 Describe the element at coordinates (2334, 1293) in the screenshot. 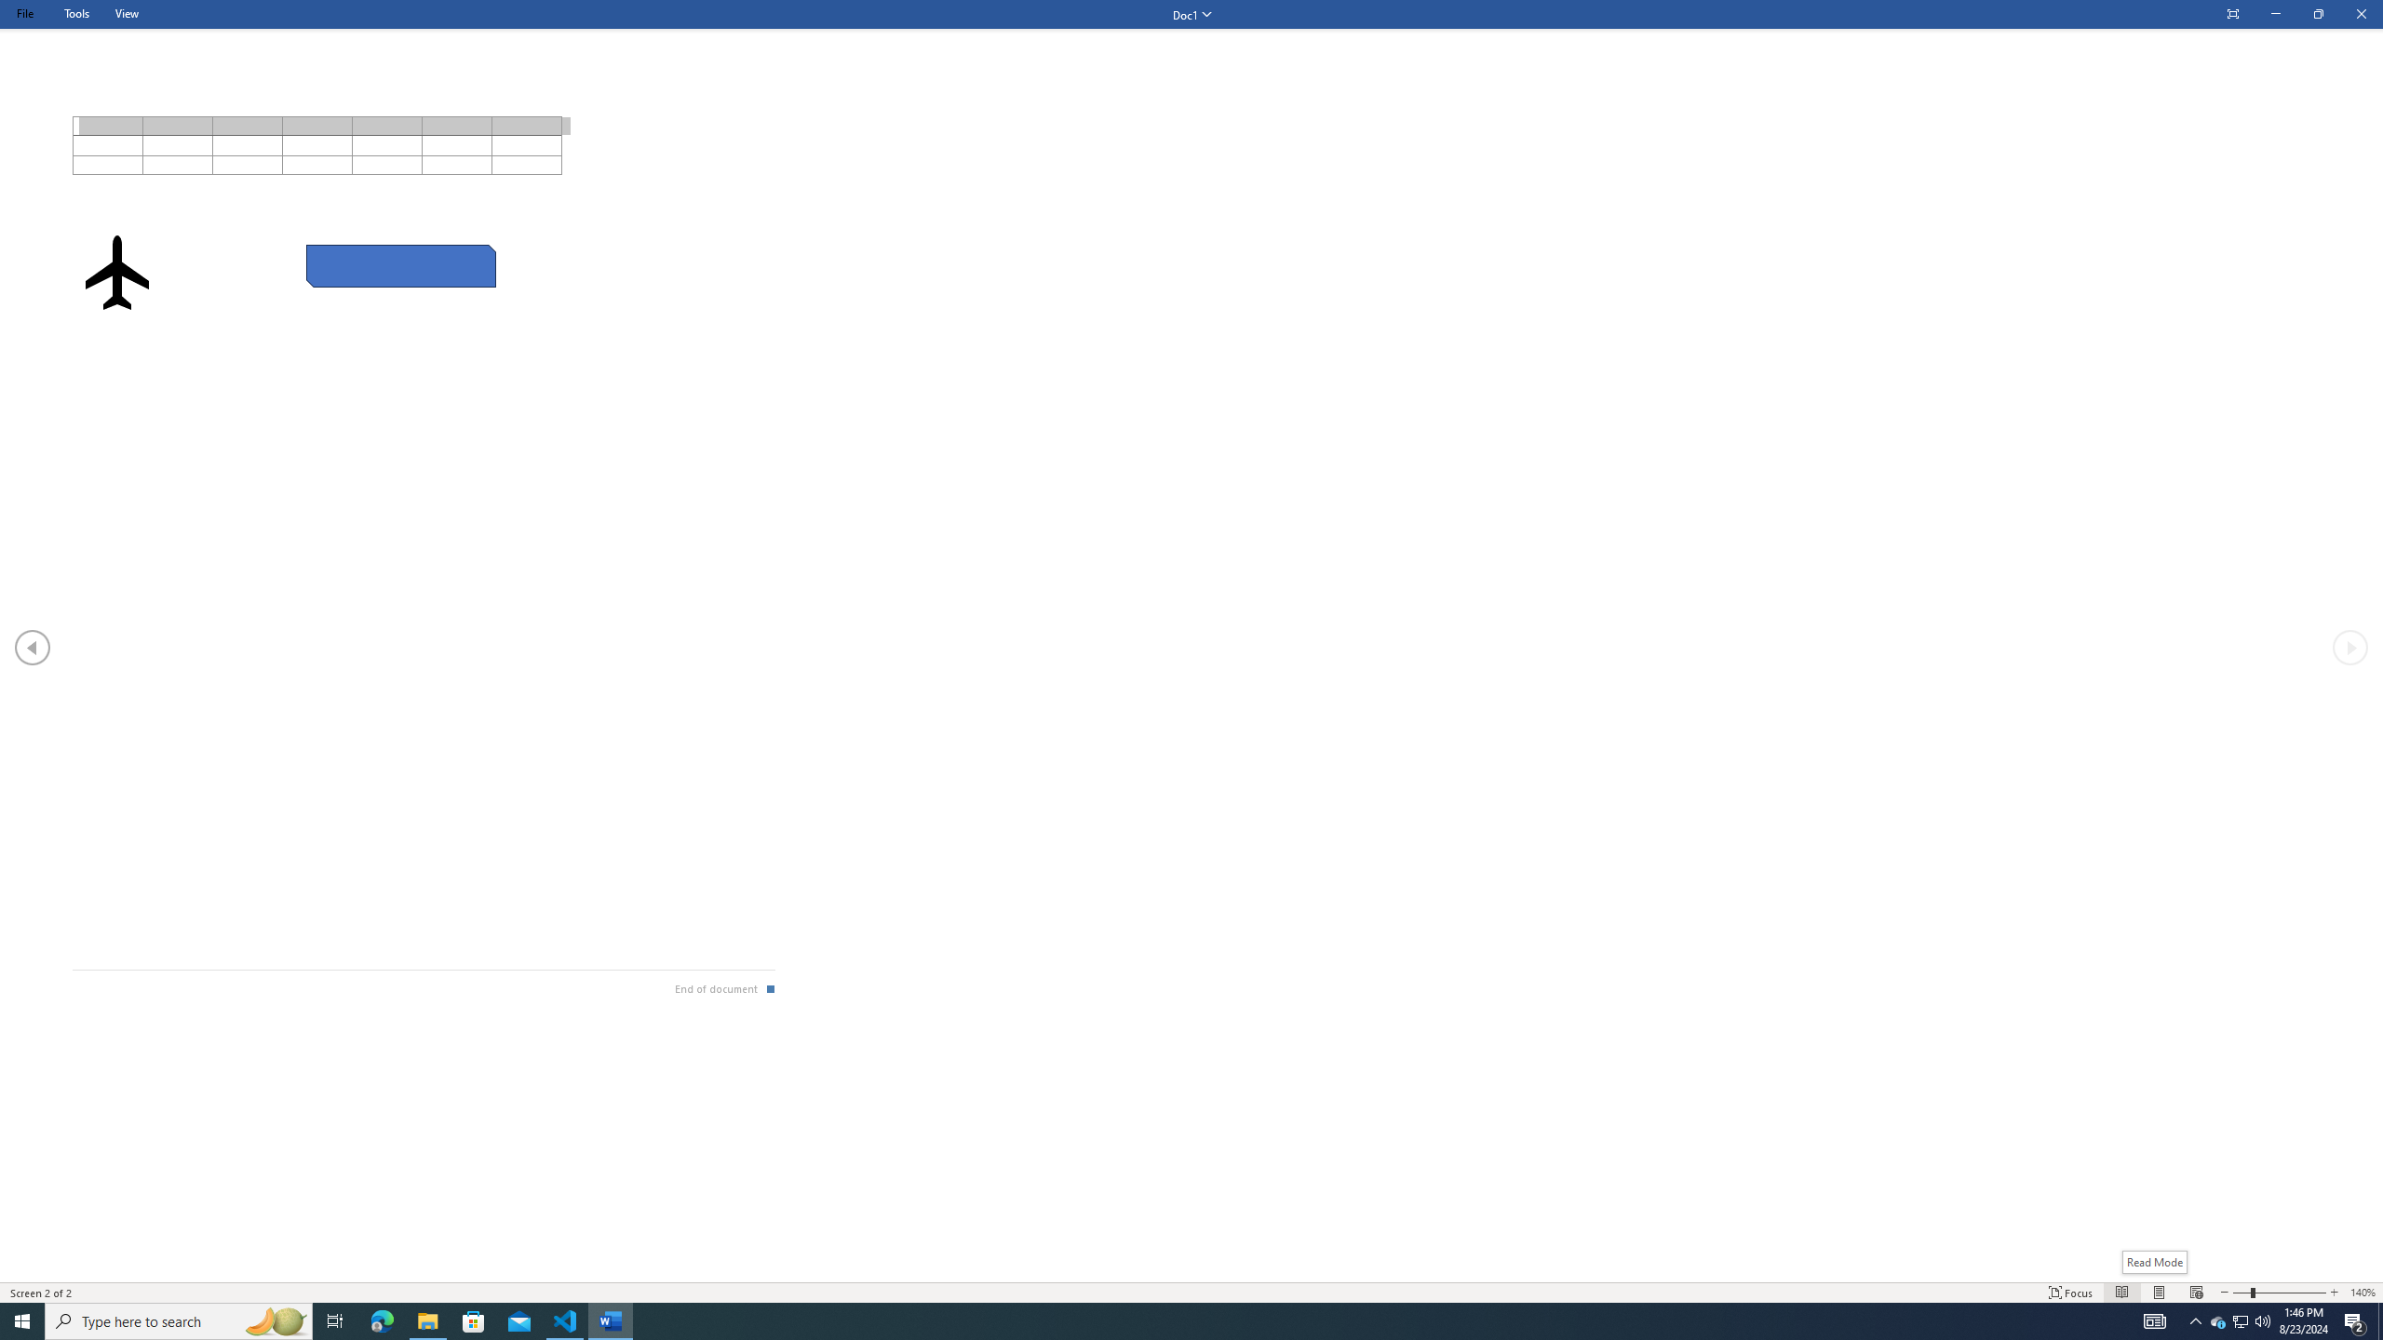

I see `'Increase Text Size'` at that location.